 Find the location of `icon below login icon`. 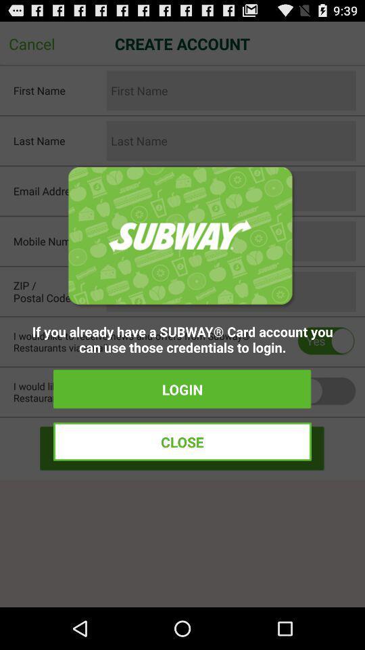

icon below login icon is located at coordinates (182, 441).